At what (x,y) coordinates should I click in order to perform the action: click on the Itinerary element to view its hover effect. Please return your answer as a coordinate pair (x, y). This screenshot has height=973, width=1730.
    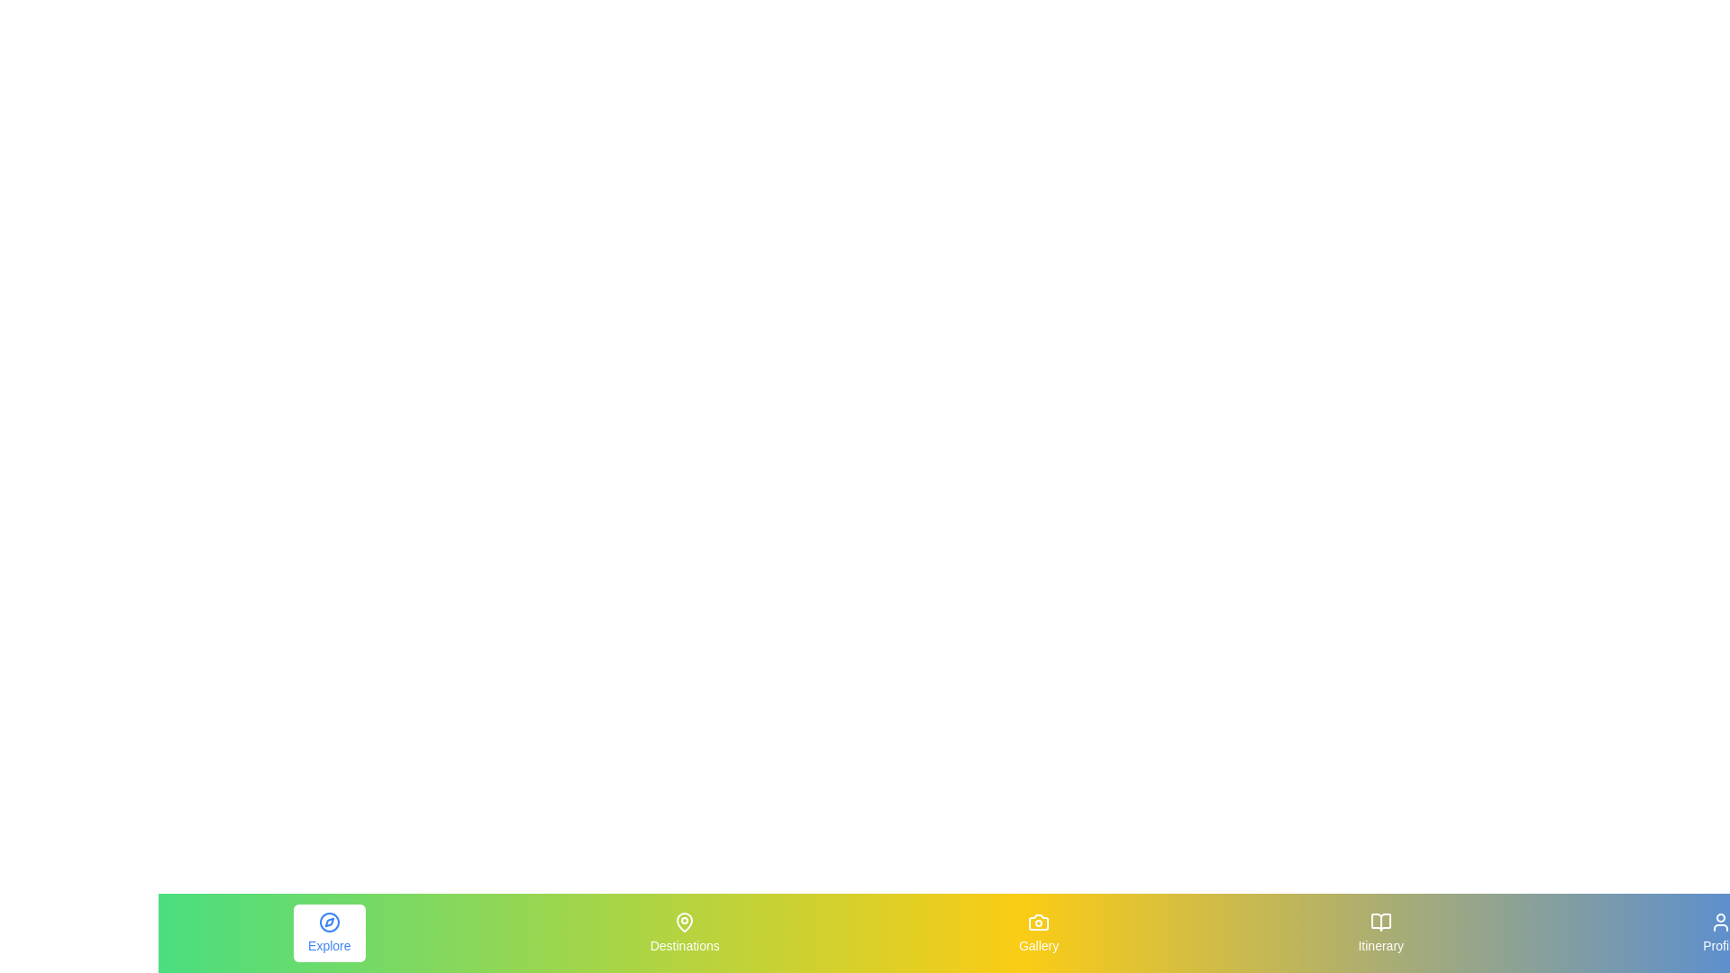
    Looking at the image, I should click on (1379, 932).